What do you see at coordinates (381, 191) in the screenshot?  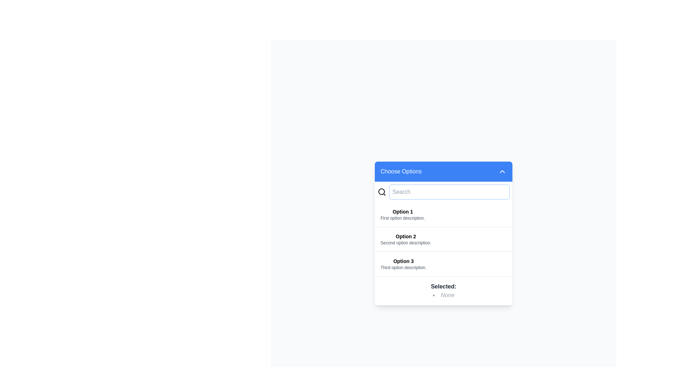 I see `the search icon which serves as a visual indicator for the adjacent input field` at bounding box center [381, 191].